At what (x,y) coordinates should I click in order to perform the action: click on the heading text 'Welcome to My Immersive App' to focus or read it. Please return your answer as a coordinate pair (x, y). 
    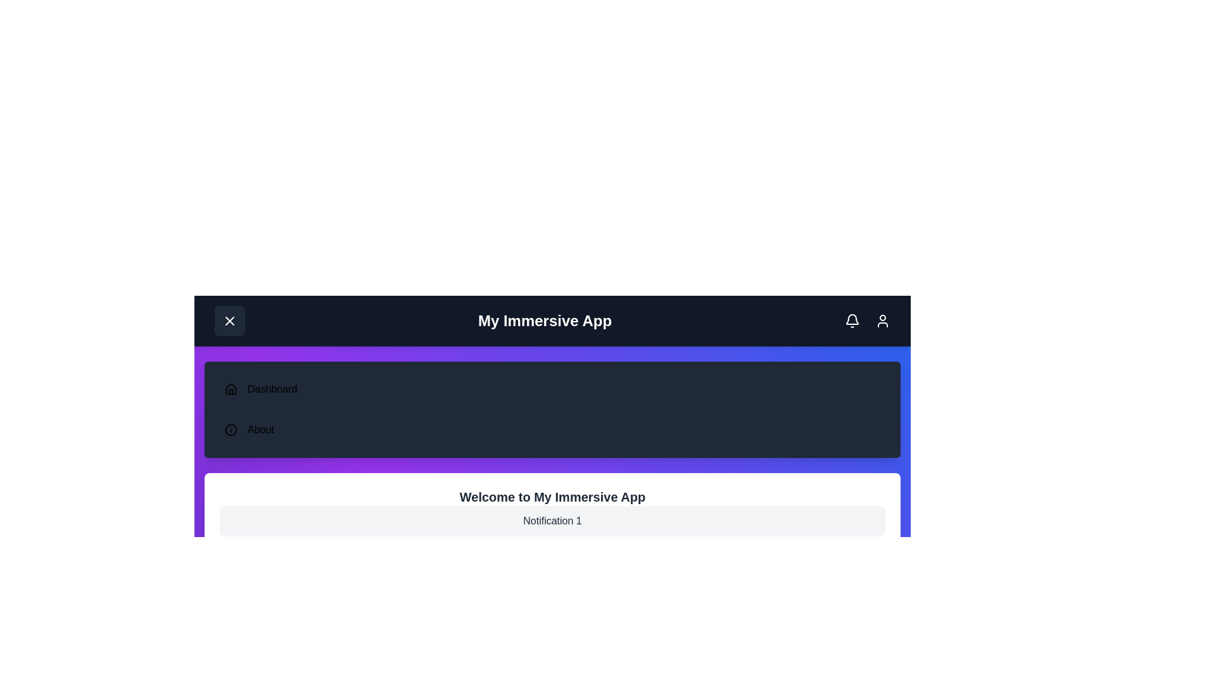
    Looking at the image, I should click on (552, 497).